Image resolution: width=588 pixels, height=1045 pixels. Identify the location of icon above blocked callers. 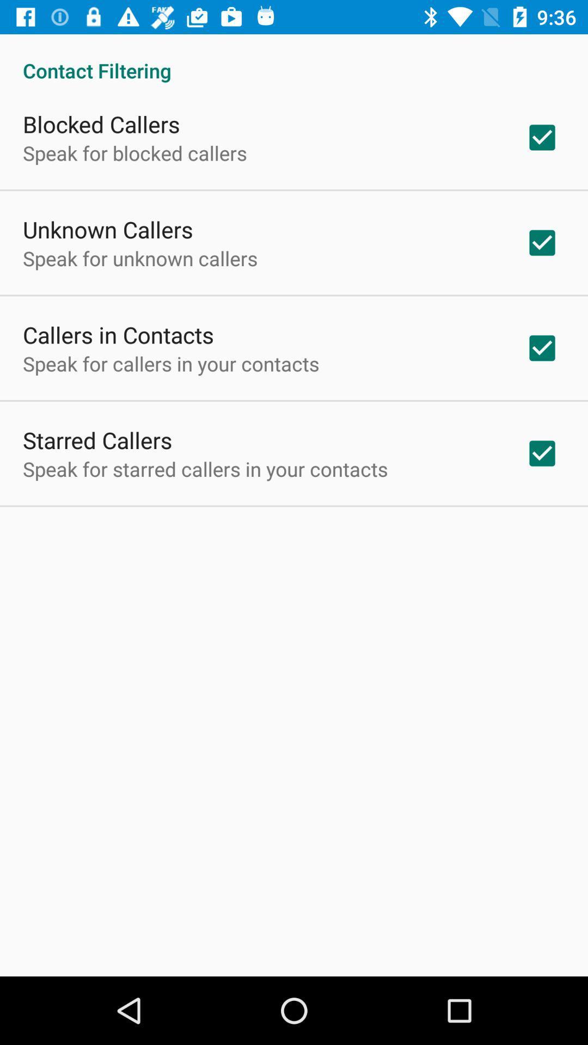
(294, 58).